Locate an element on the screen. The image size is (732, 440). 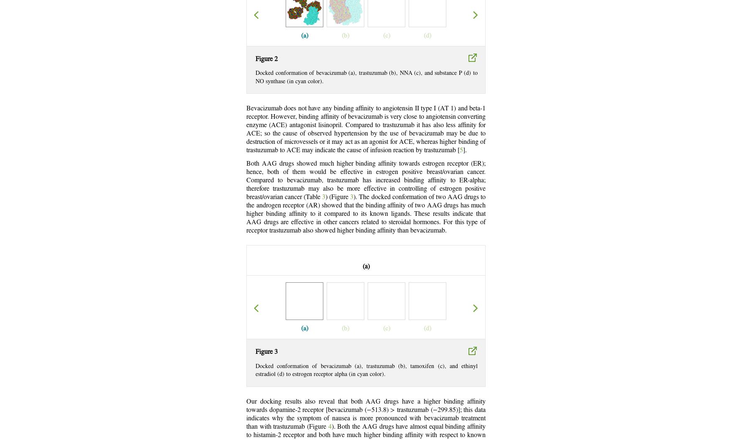
'Both AAG drugs showed much higher binding affinity towards estrogen receptor (ER); hence, both of them would be effective in estrogen positive breast/ovarian cancer. Compared to bevacizumab, trastuzumab has increased binding affinity to ER-alpha; therefore trastuzumab may also be more effective in controlling of estrogen positive breast/ovarian cancer (Table' is located at coordinates (366, 180).